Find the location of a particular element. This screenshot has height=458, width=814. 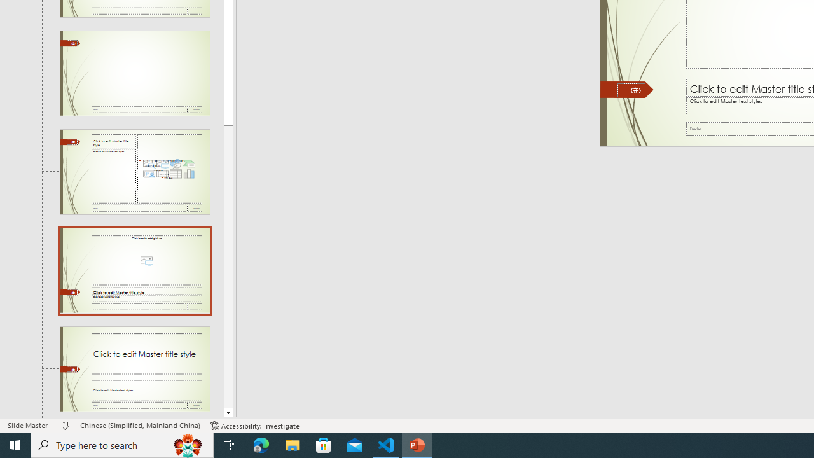

'Slide Blank Layout: used by no slides' is located at coordinates (135, 73).